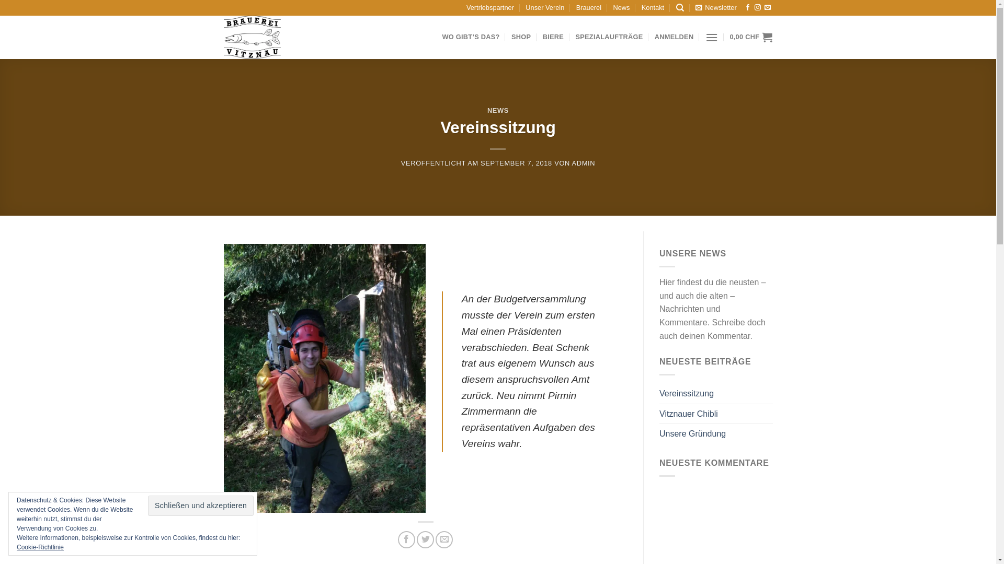 The width and height of the screenshot is (1004, 564). Describe the element at coordinates (688, 414) in the screenshot. I see `'Vitznauer Chibli'` at that location.